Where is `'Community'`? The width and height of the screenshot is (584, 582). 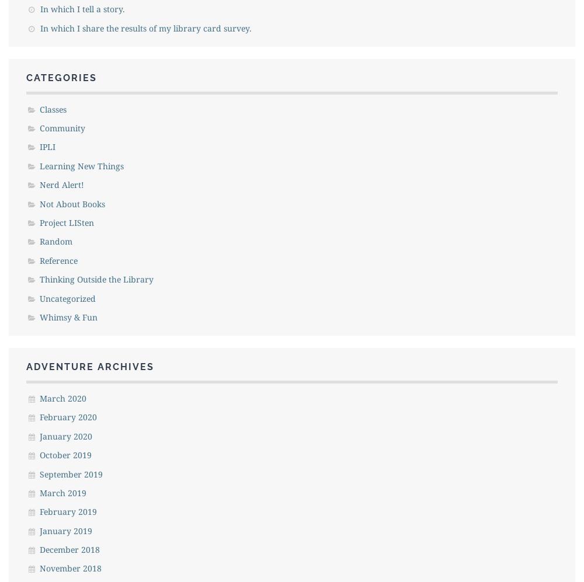
'Community' is located at coordinates (62, 128).